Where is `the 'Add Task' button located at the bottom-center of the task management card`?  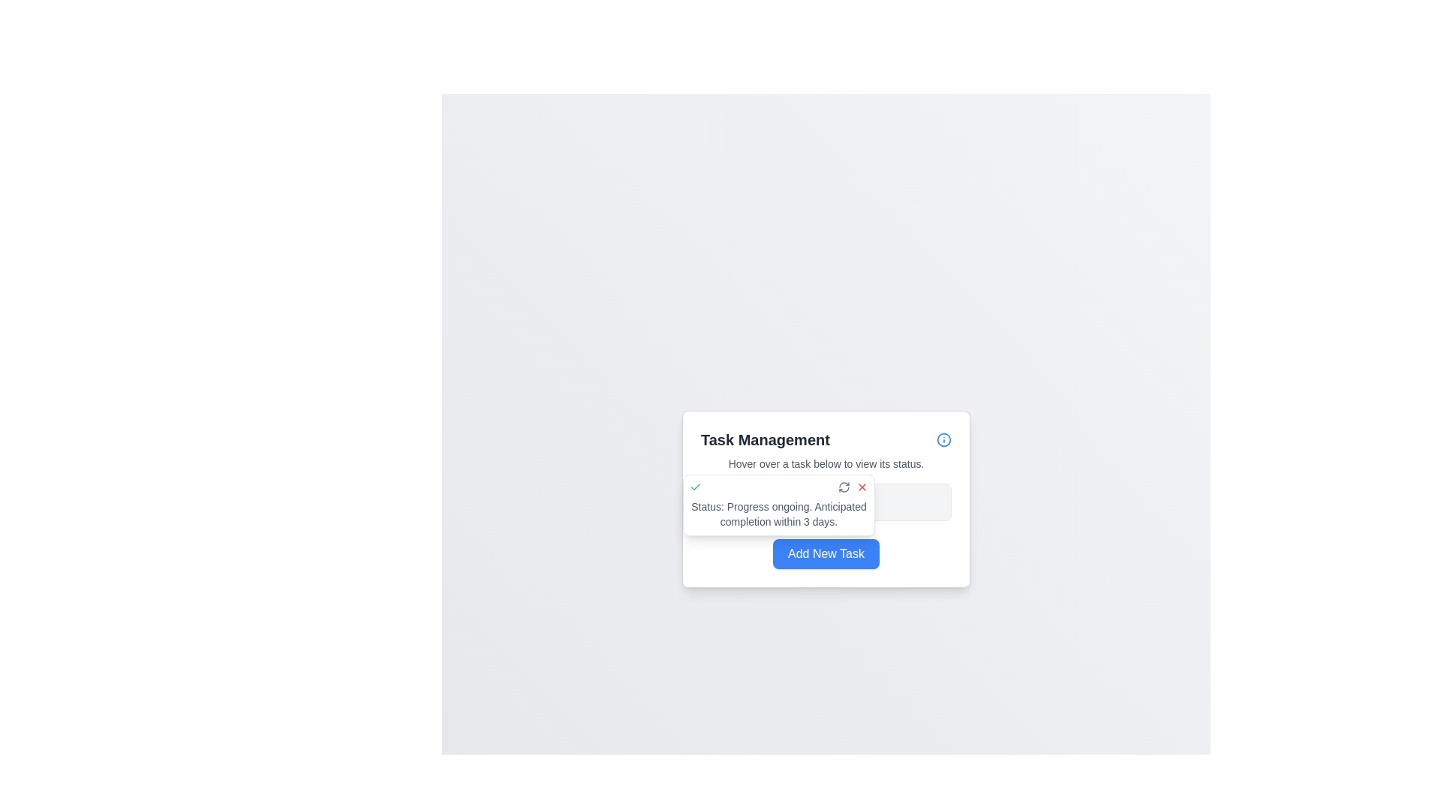
the 'Add Task' button located at the bottom-center of the task management card is located at coordinates (825, 553).